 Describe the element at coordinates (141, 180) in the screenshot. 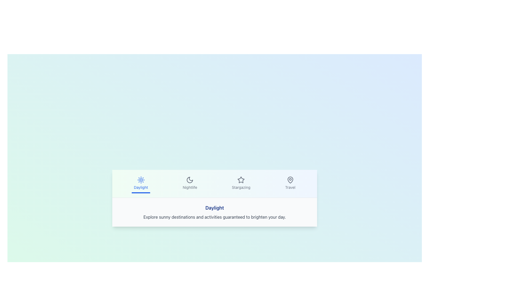

I see `the sun-shaped icon in the navigation bar, which is associated with the 'Daylight' label` at that location.